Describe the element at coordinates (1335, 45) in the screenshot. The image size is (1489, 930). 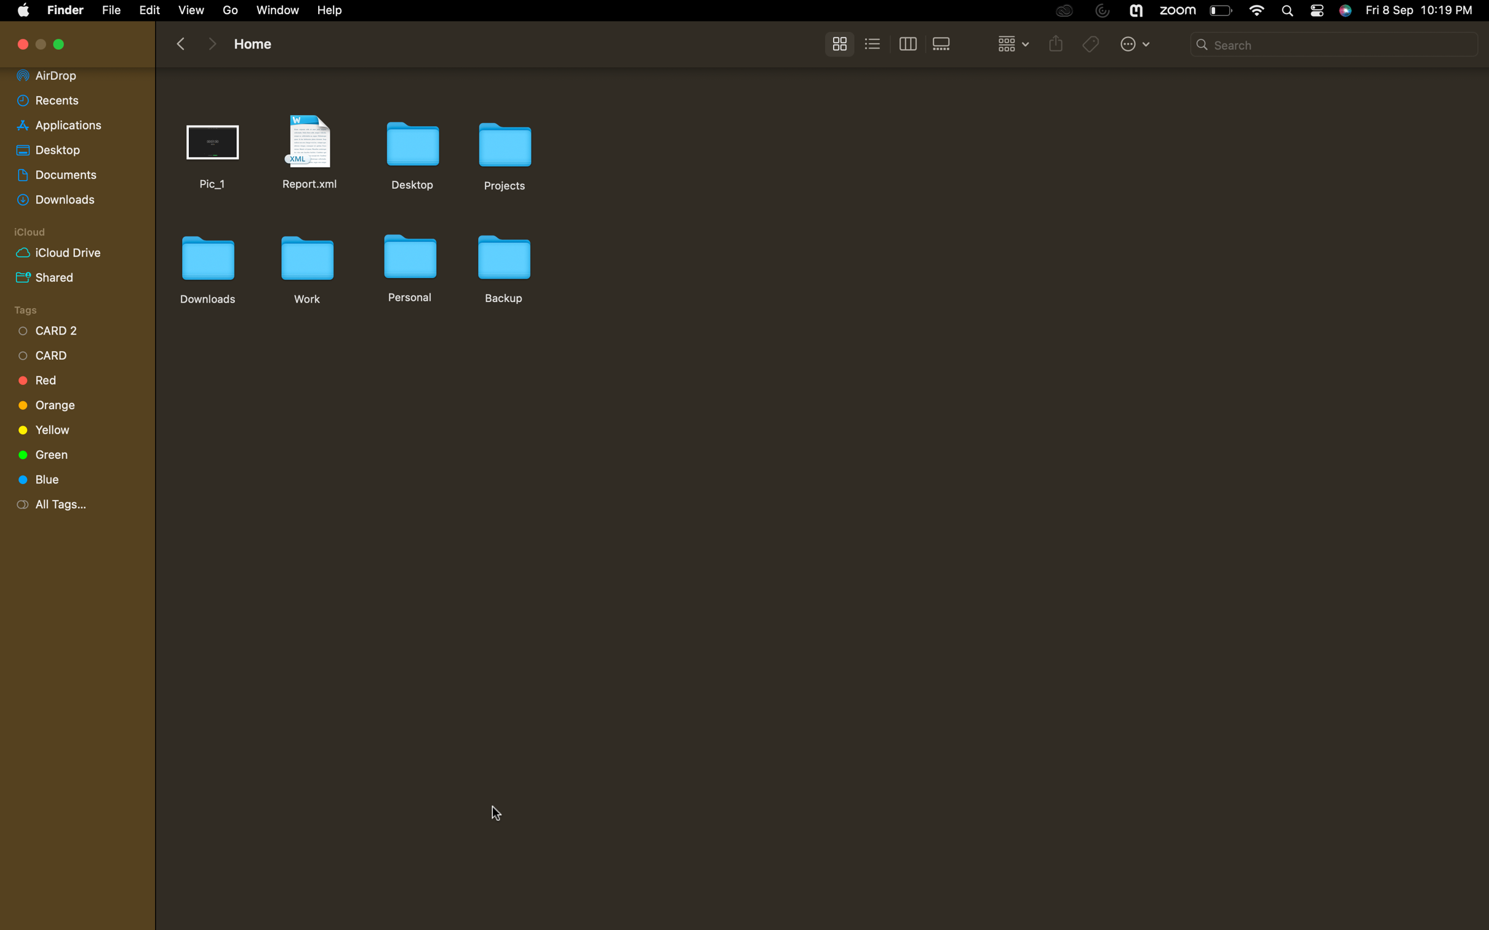
I see `a localized search for the "report" file in the current folder` at that location.